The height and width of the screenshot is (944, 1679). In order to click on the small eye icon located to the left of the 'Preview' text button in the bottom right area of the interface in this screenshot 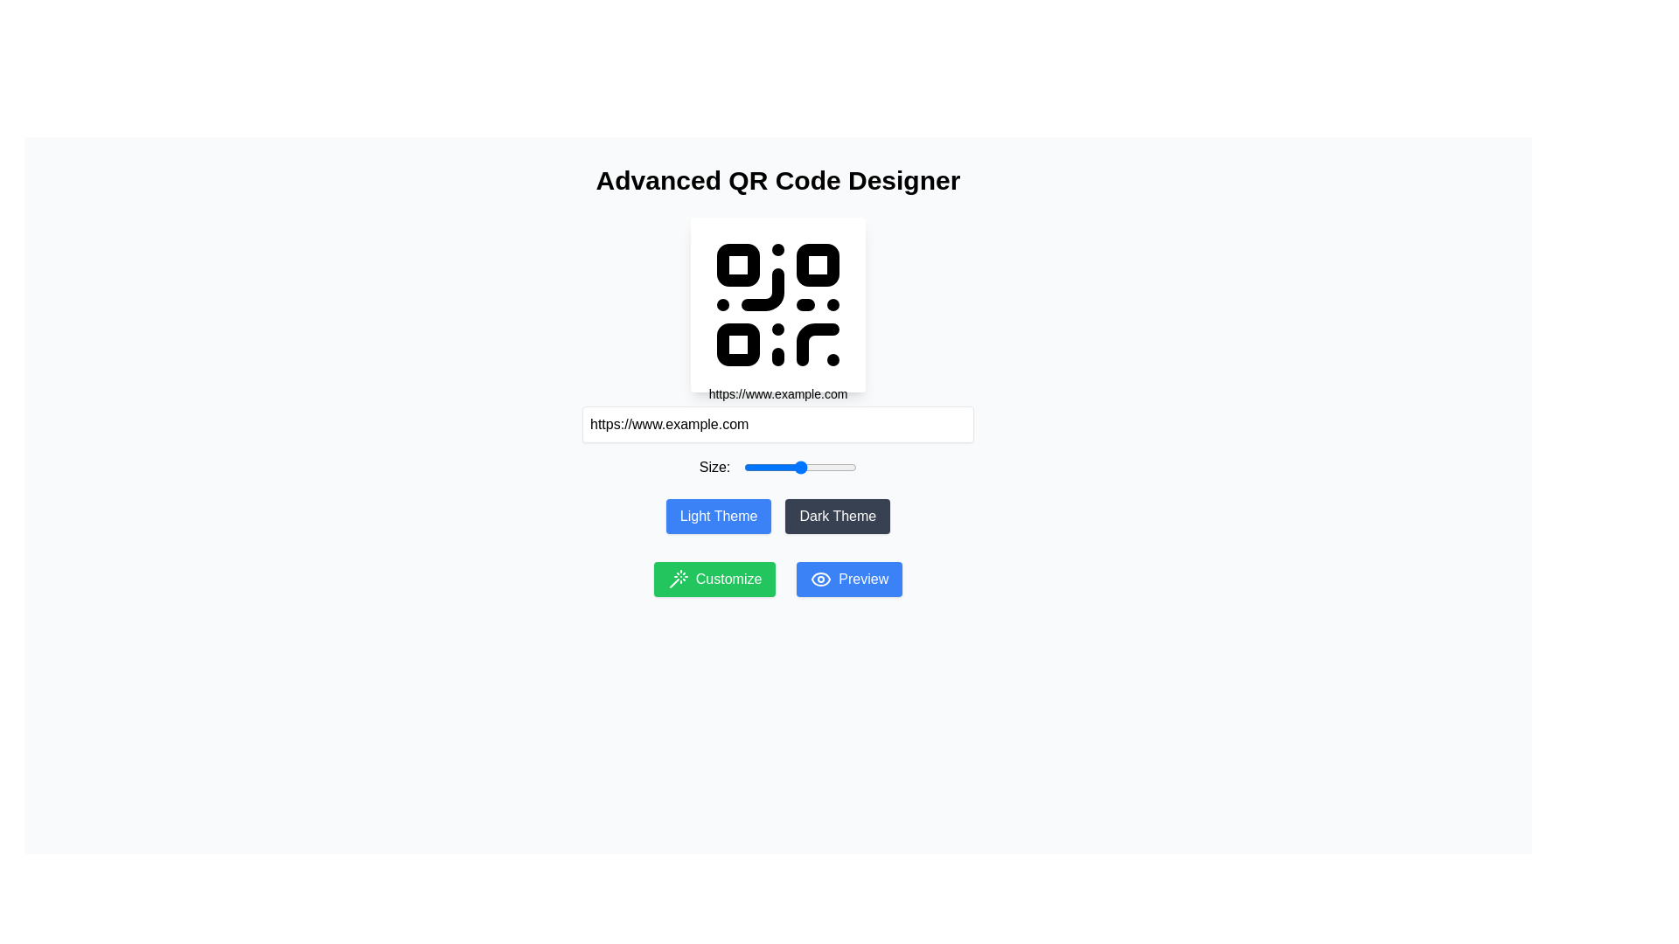, I will do `click(820, 580)`.